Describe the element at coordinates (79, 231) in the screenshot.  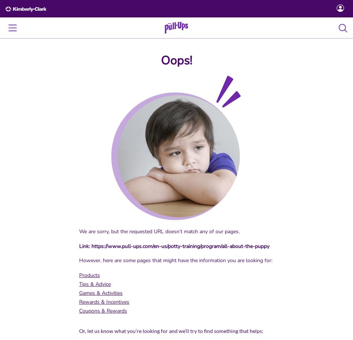
I see `'We are sorry, but the requested URL doesn’t match any of our pages.'` at that location.